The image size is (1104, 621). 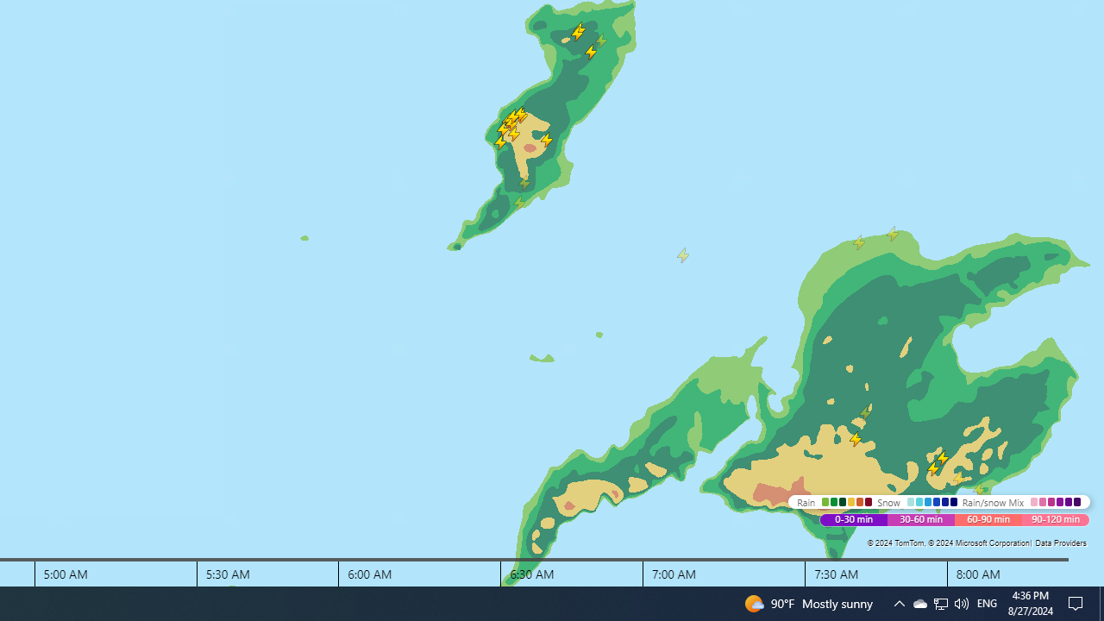 What do you see at coordinates (960, 602) in the screenshot?
I see `'User Promoted Notification Area'` at bounding box center [960, 602].